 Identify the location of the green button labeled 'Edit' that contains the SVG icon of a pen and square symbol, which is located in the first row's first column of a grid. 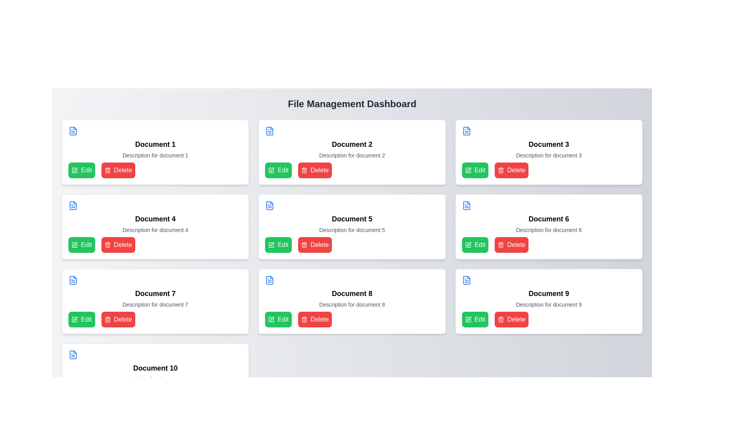
(75, 170).